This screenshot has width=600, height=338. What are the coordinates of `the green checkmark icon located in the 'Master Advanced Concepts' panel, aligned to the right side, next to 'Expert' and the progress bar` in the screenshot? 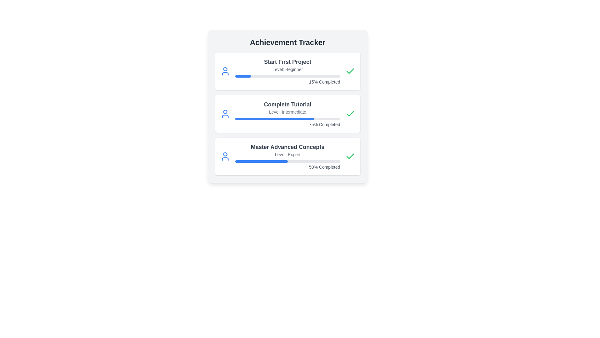 It's located at (350, 156).